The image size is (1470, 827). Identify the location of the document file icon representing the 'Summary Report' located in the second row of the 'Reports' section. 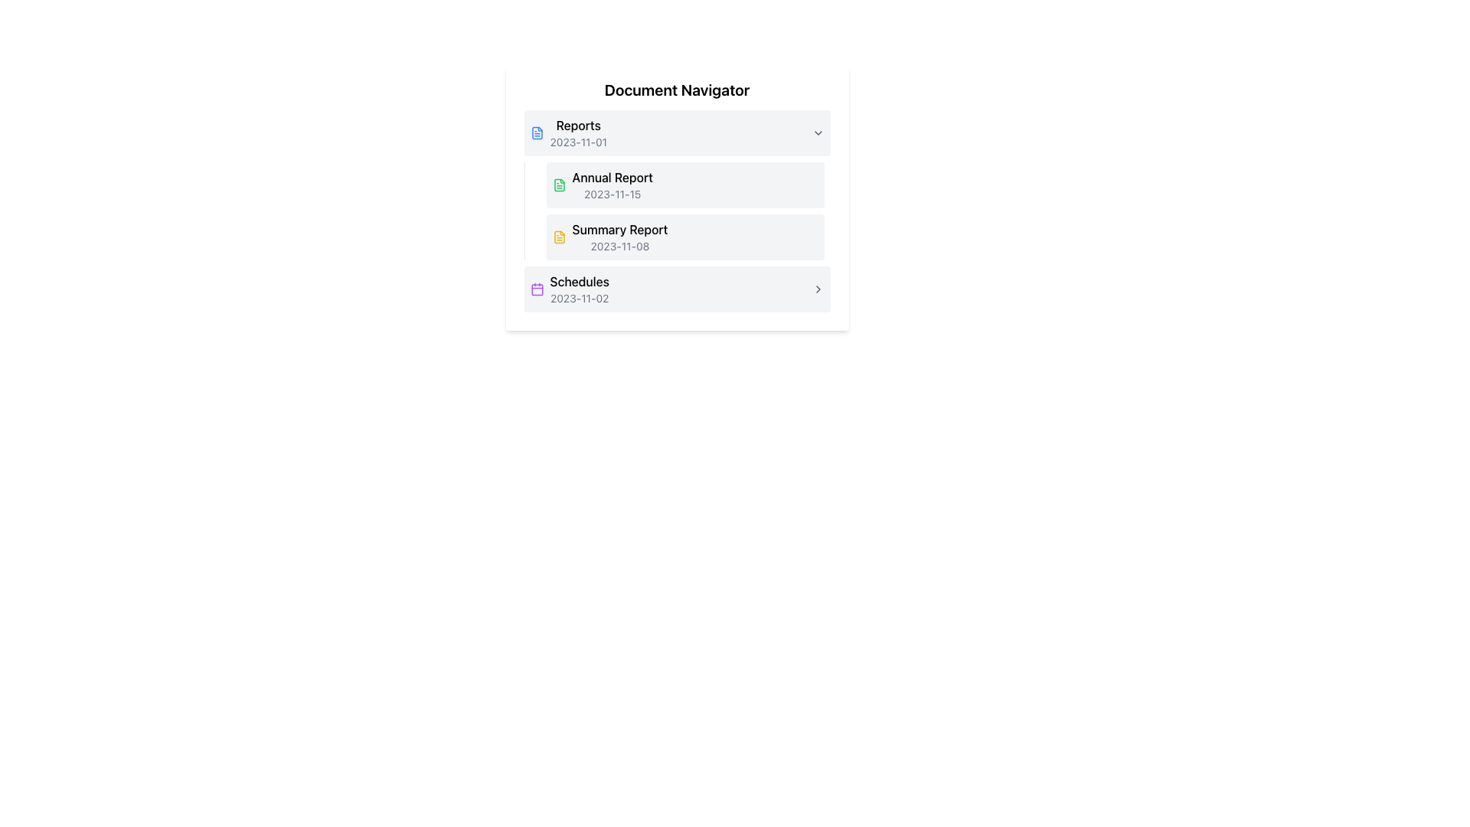
(558, 237).